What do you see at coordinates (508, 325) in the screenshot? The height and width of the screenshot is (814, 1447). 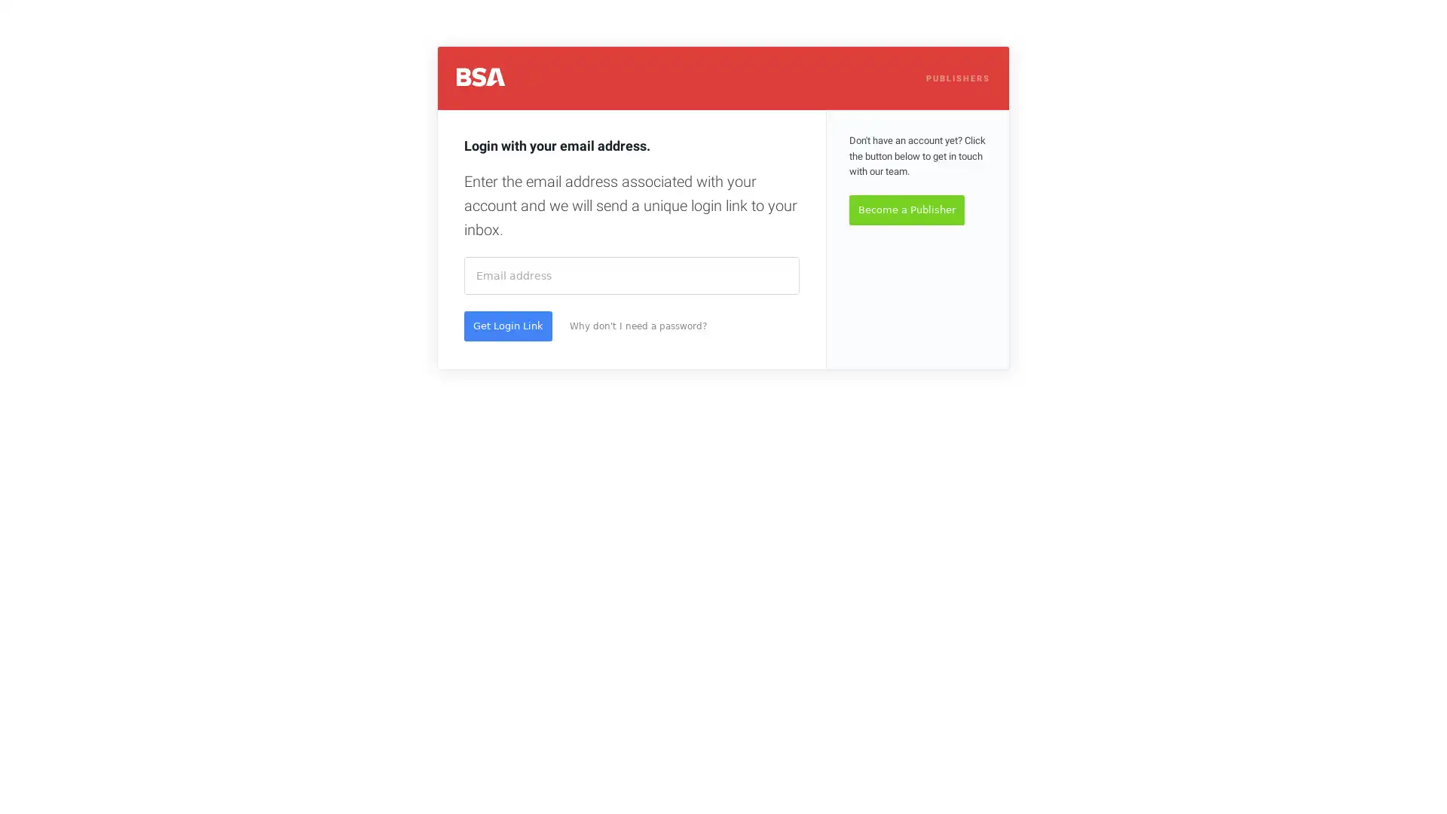 I see `Get Login Link` at bounding box center [508, 325].